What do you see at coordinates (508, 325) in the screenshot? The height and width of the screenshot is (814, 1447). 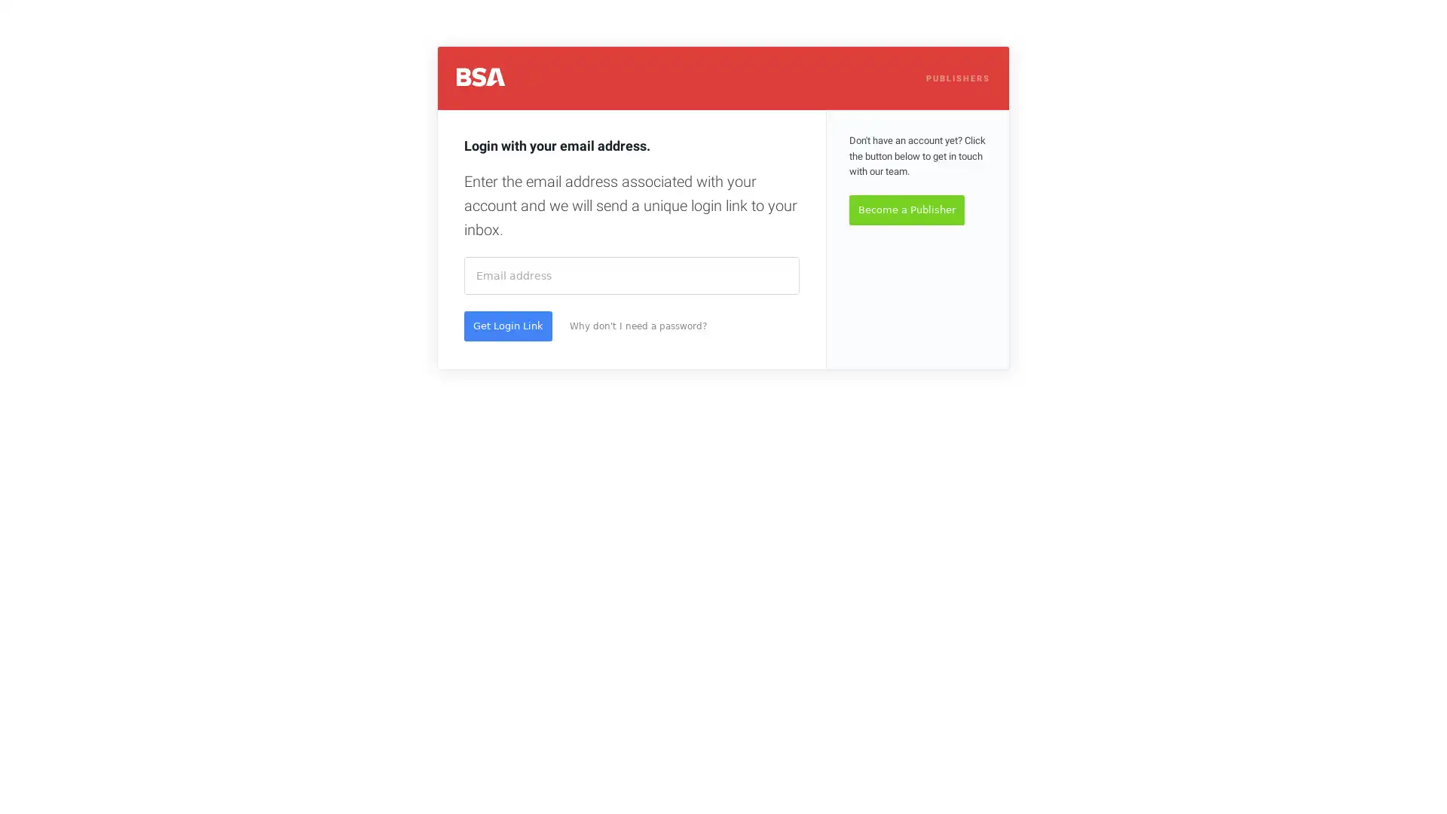 I see `Get Login Link` at bounding box center [508, 325].